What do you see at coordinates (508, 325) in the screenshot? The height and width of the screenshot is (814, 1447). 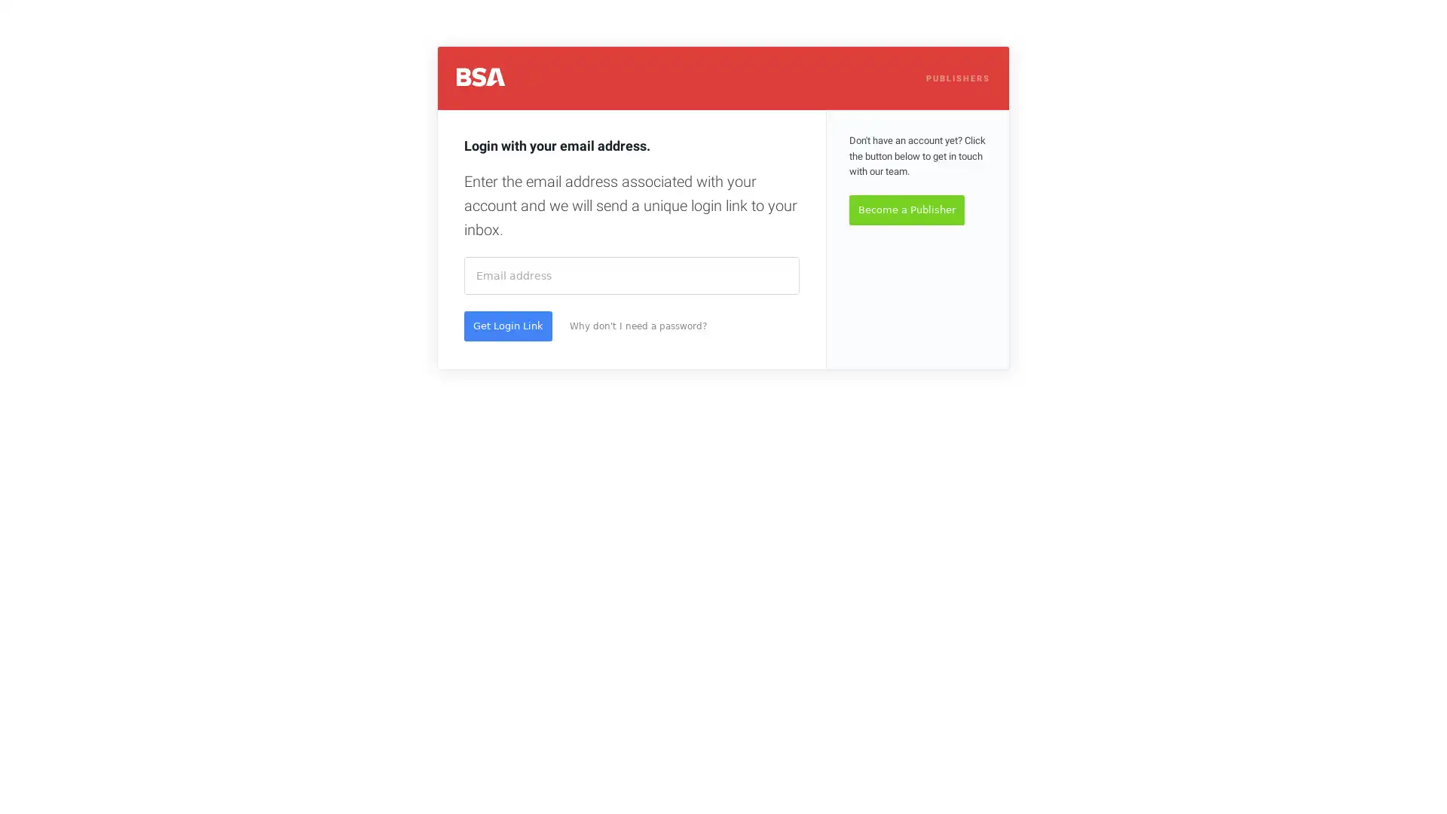 I see `Get Login Link` at bounding box center [508, 325].